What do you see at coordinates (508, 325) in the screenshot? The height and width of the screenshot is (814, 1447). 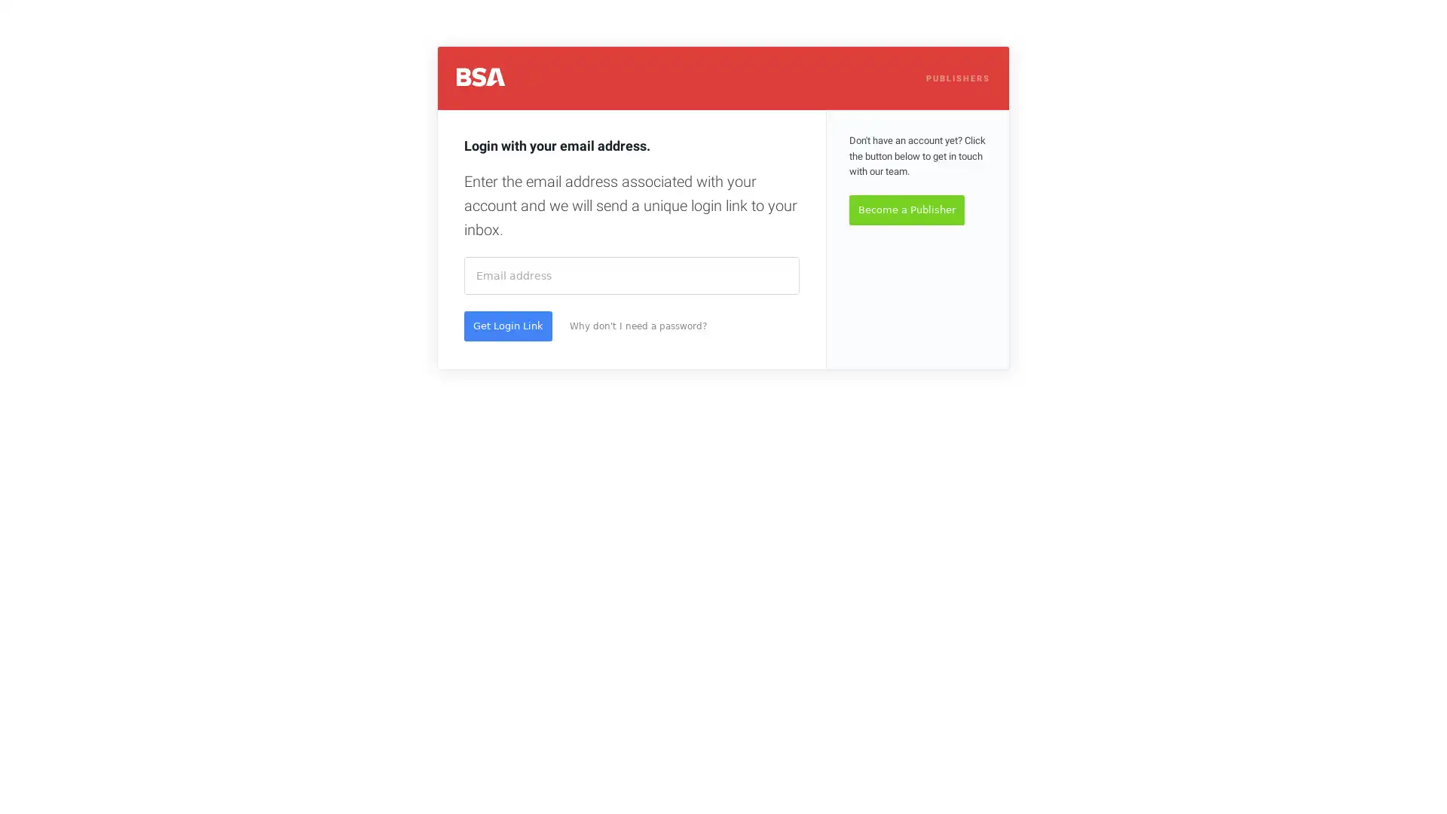 I see `Get Login Link` at bounding box center [508, 325].